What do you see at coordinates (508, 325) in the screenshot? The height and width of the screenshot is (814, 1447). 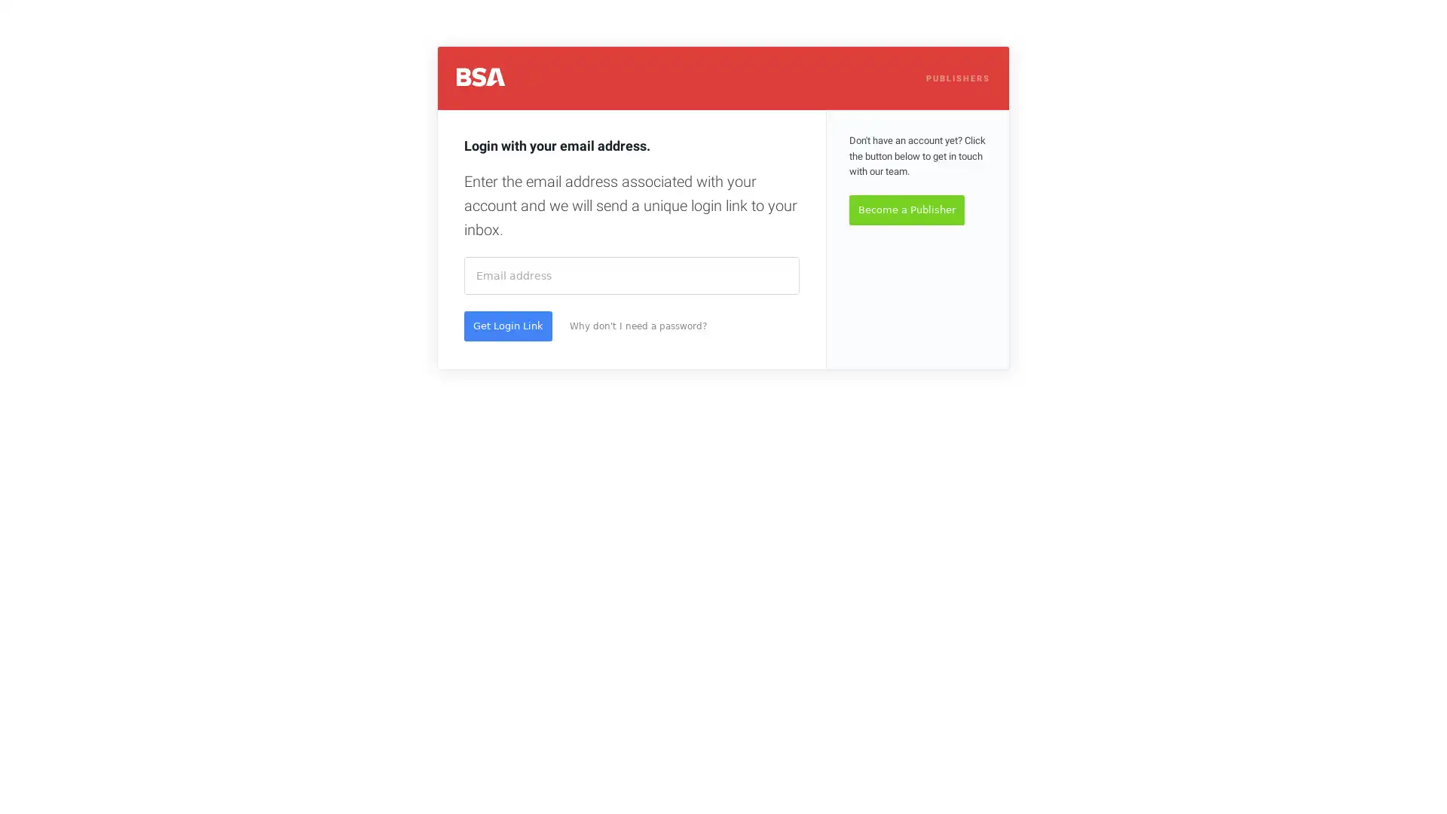 I see `Get Login Link` at bounding box center [508, 325].